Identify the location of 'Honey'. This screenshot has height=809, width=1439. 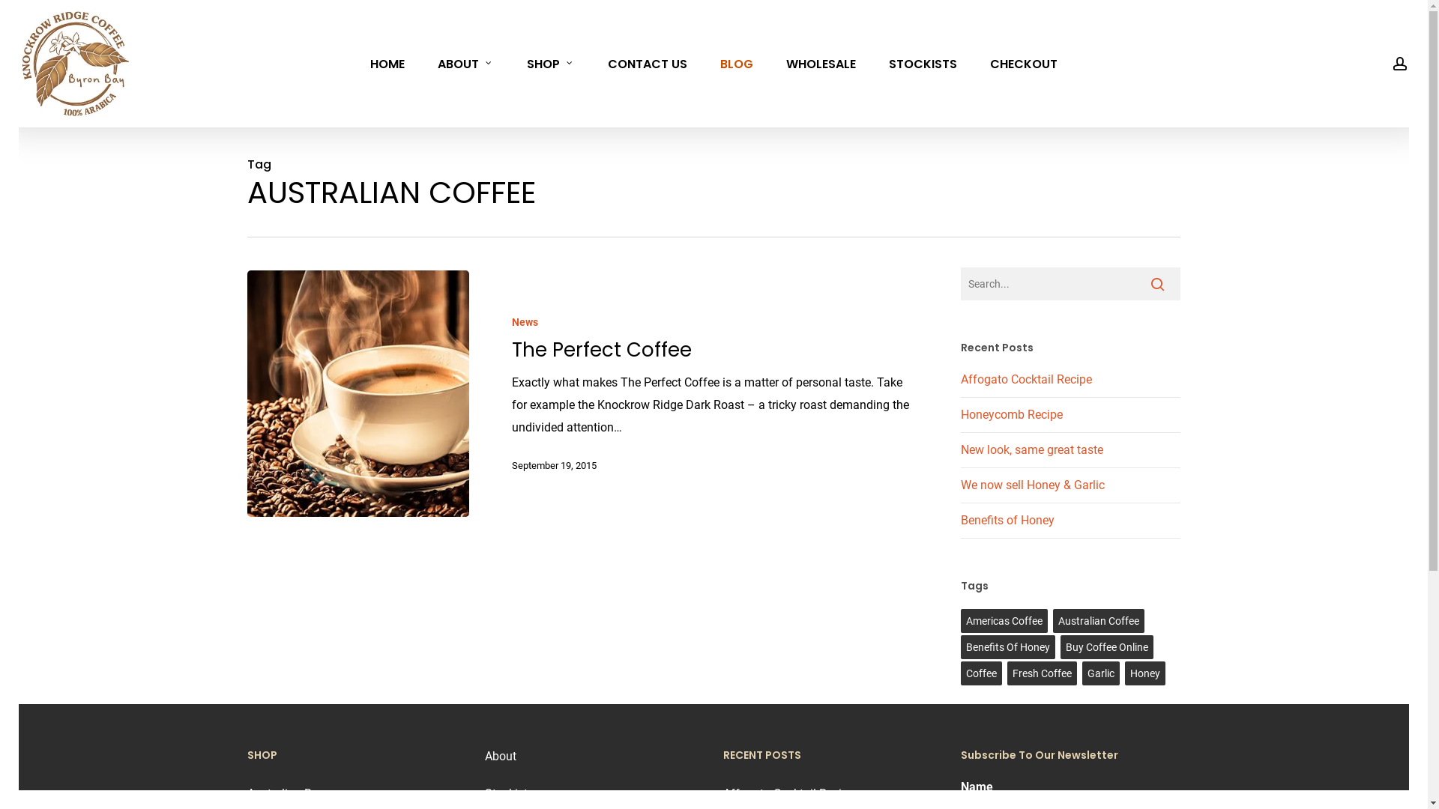
(1144, 672).